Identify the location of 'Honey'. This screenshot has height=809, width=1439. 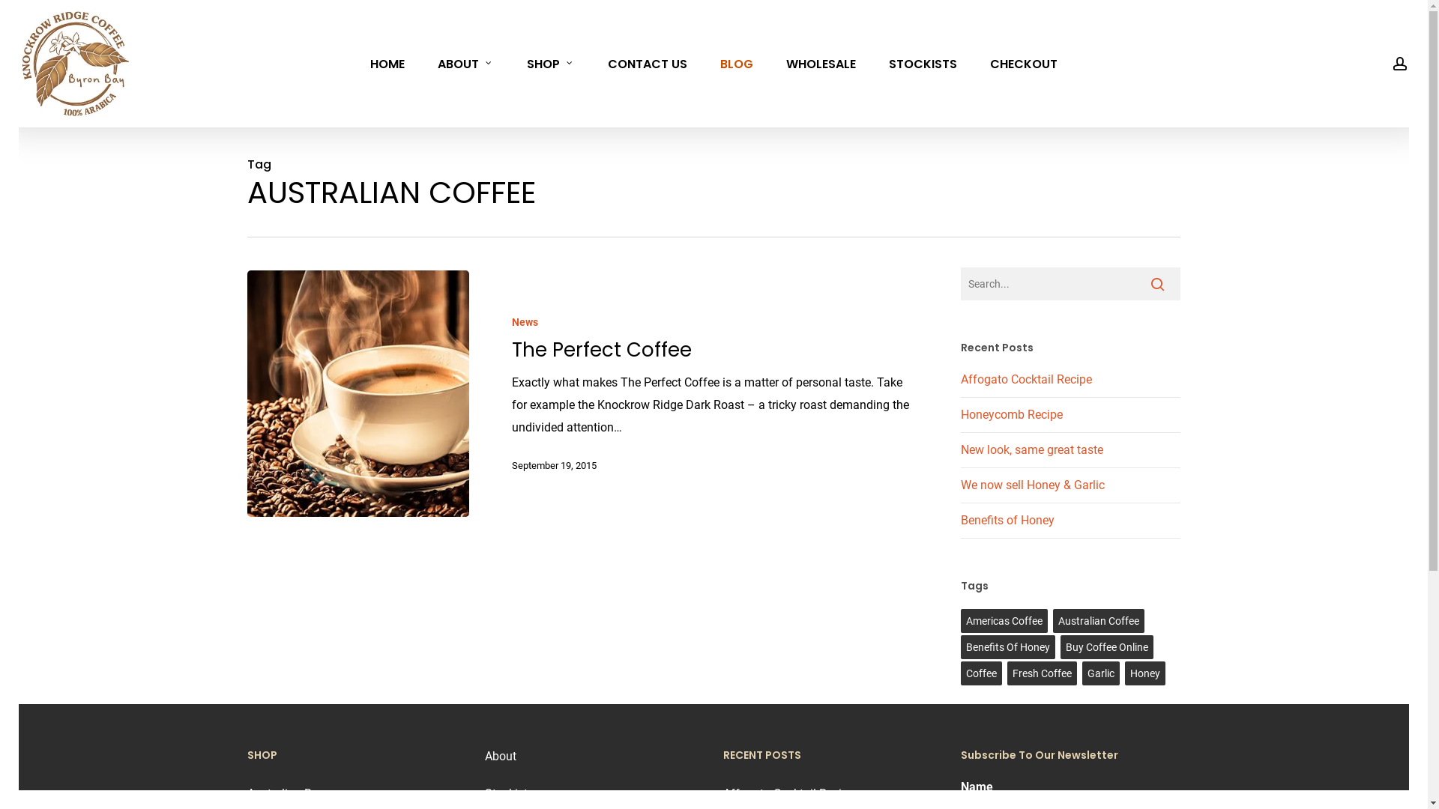
(1144, 672).